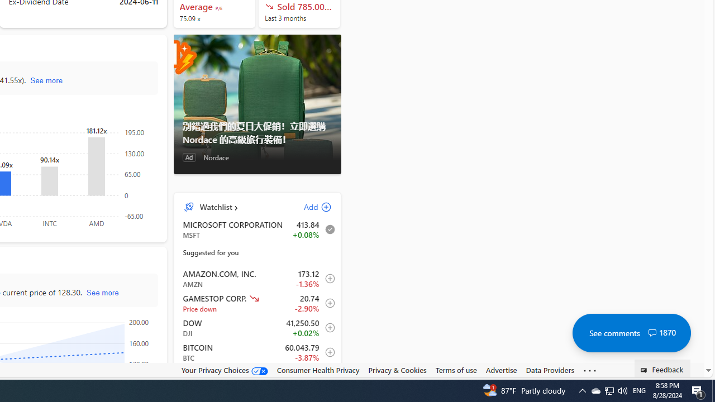  Describe the element at coordinates (631, 332) in the screenshot. I see `'See comments 1870'` at that location.